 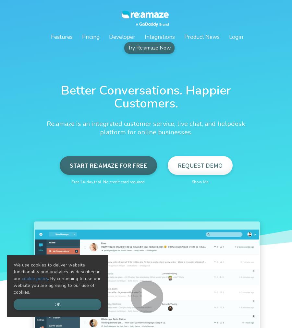 I want to click on 'Start Re:amaze for free', so click(x=108, y=165).